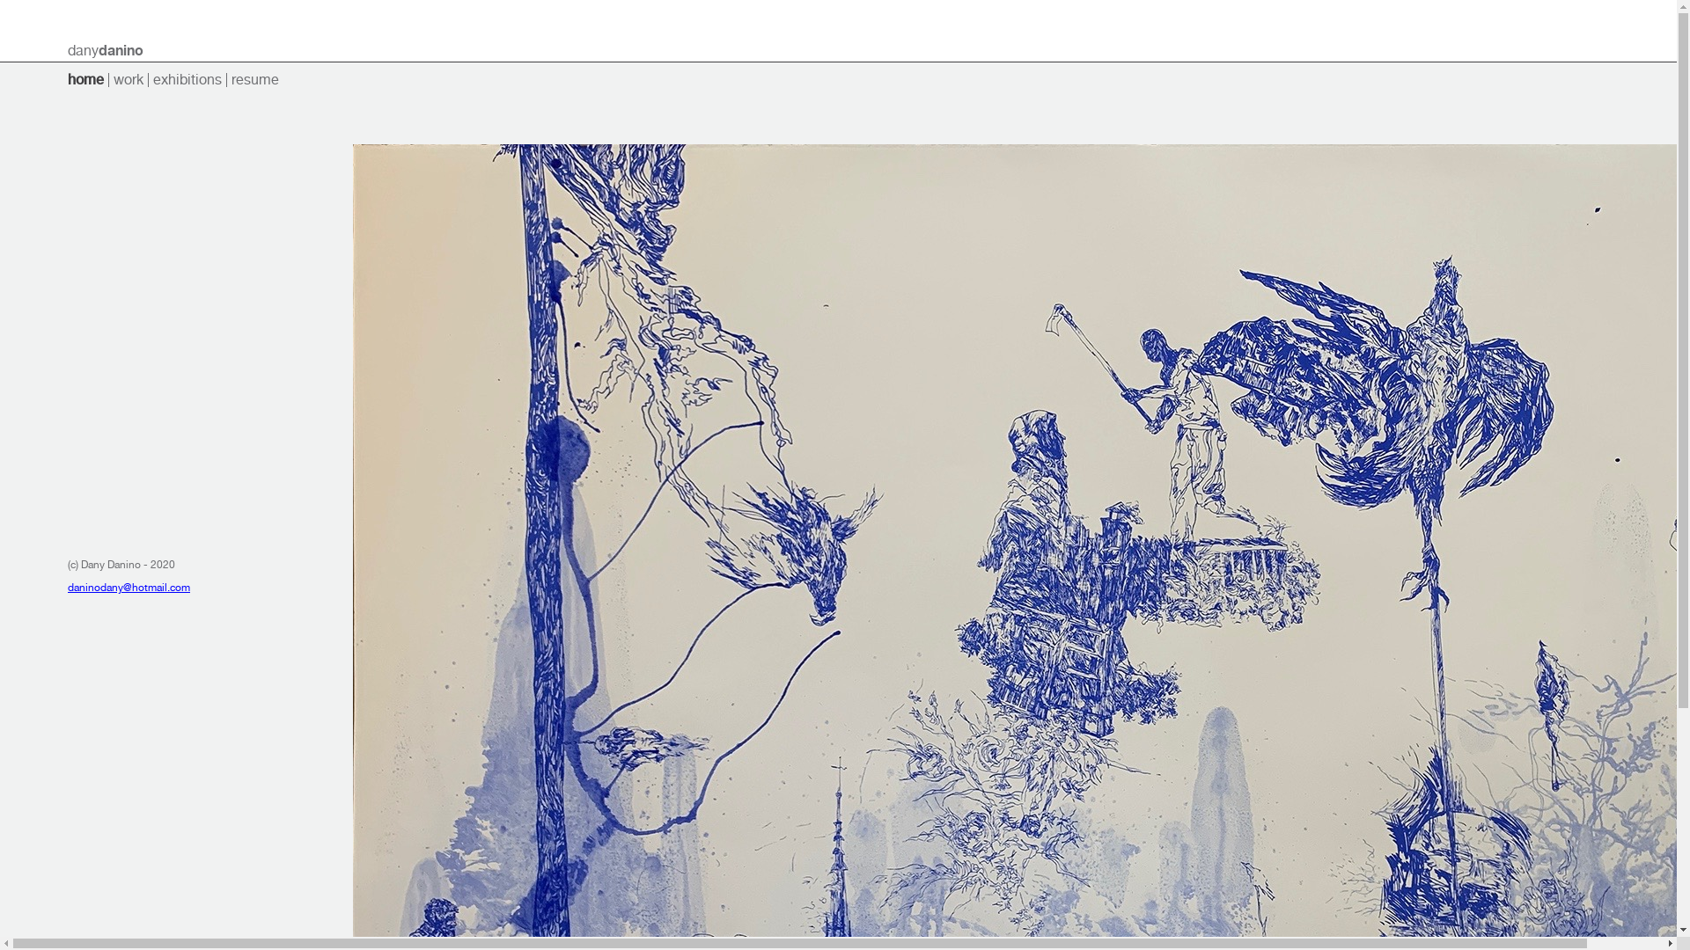  Describe the element at coordinates (84, 79) in the screenshot. I see `'home'` at that location.